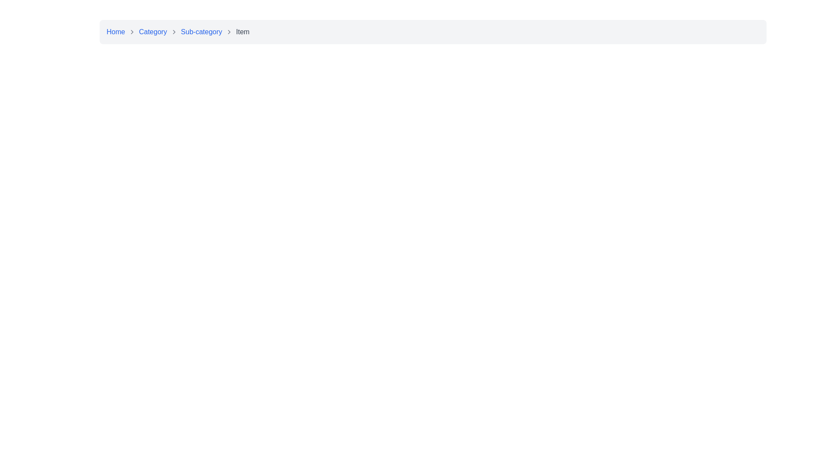 Image resolution: width=832 pixels, height=468 pixels. What do you see at coordinates (173, 31) in the screenshot?
I see `the right-pointing chevron icon in the breadcrumb navigation bar, located between the 'Category' and 'Sub-category' labels` at bounding box center [173, 31].